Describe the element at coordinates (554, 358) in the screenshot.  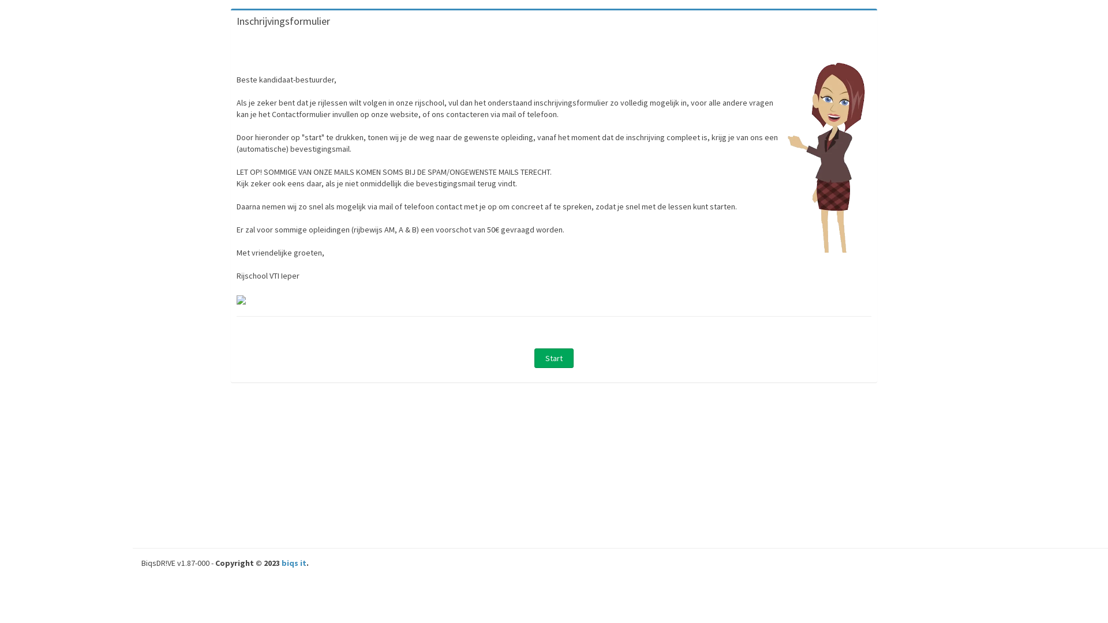
I see `'  Start  '` at that location.